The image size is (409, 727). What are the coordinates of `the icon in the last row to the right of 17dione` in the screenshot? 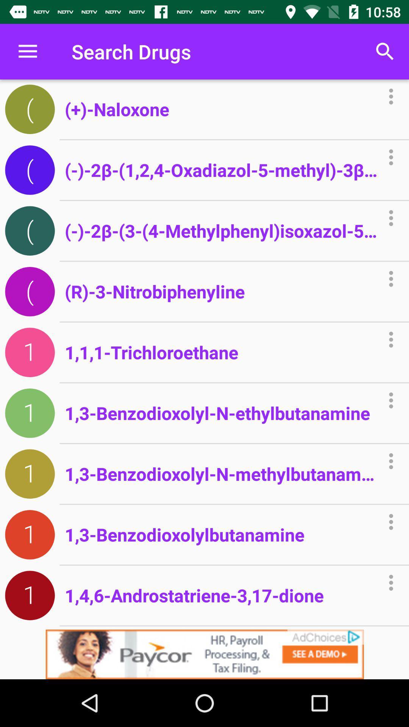 It's located at (391, 582).